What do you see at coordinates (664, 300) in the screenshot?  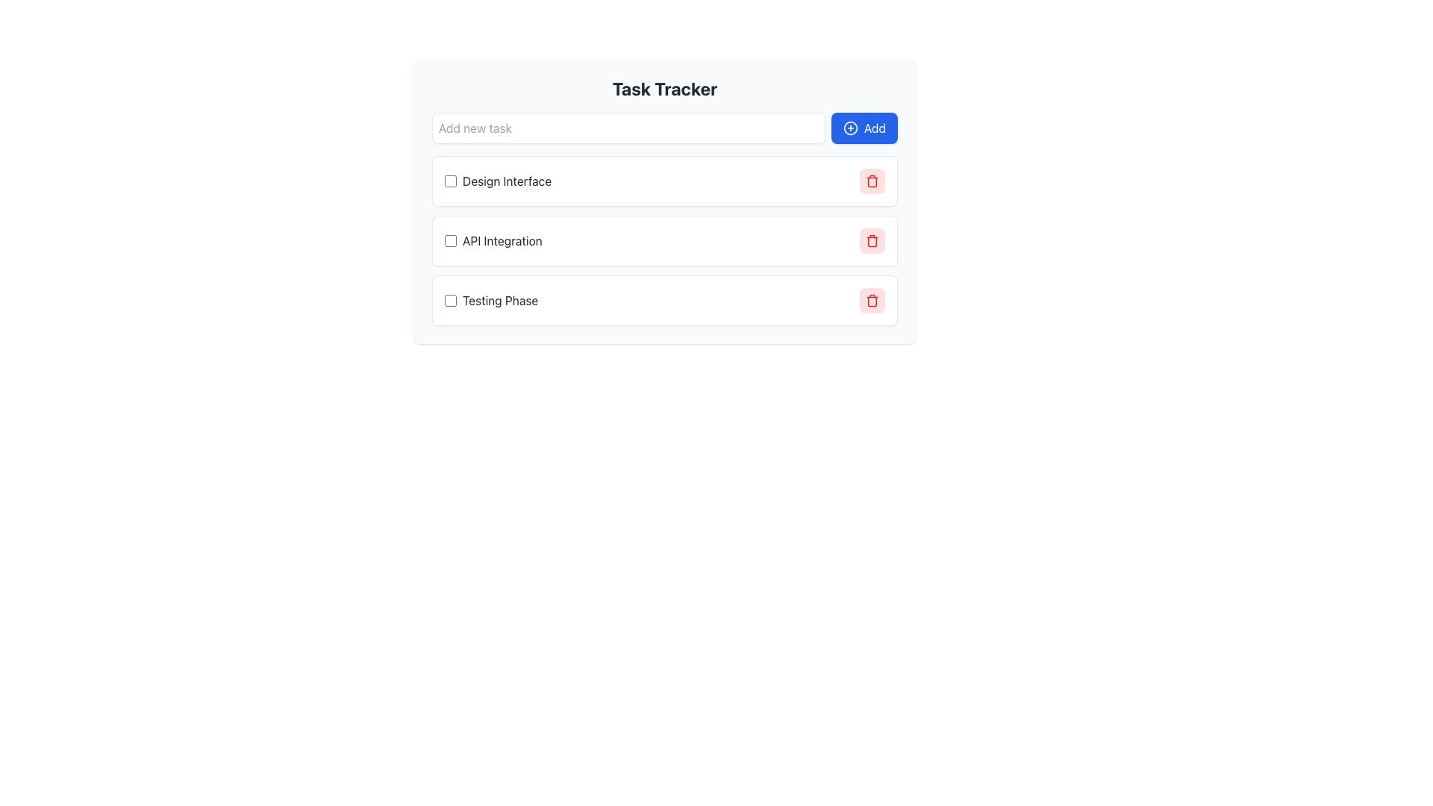 I see `the checkbox of the third task item in the task tracker application to mark it as complete` at bounding box center [664, 300].